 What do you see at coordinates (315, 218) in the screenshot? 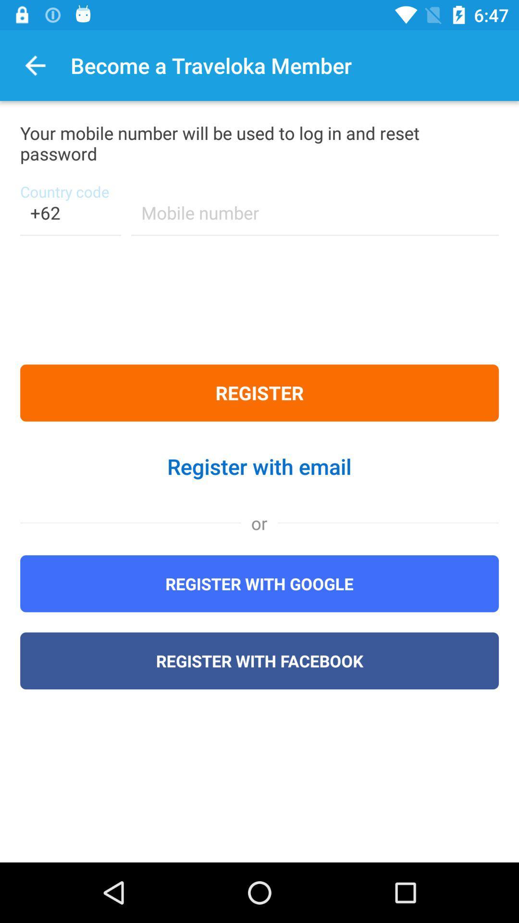
I see `the item above the register icon` at bounding box center [315, 218].